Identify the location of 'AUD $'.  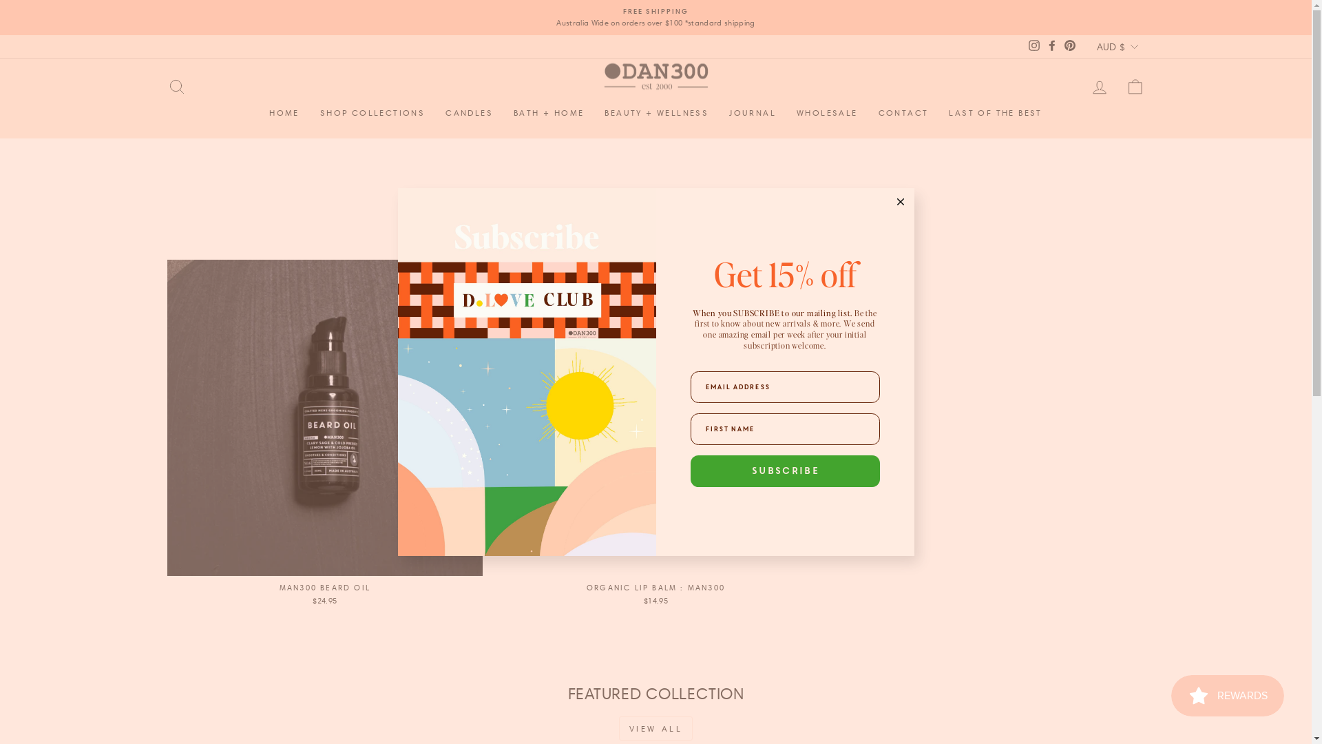
(1092, 45).